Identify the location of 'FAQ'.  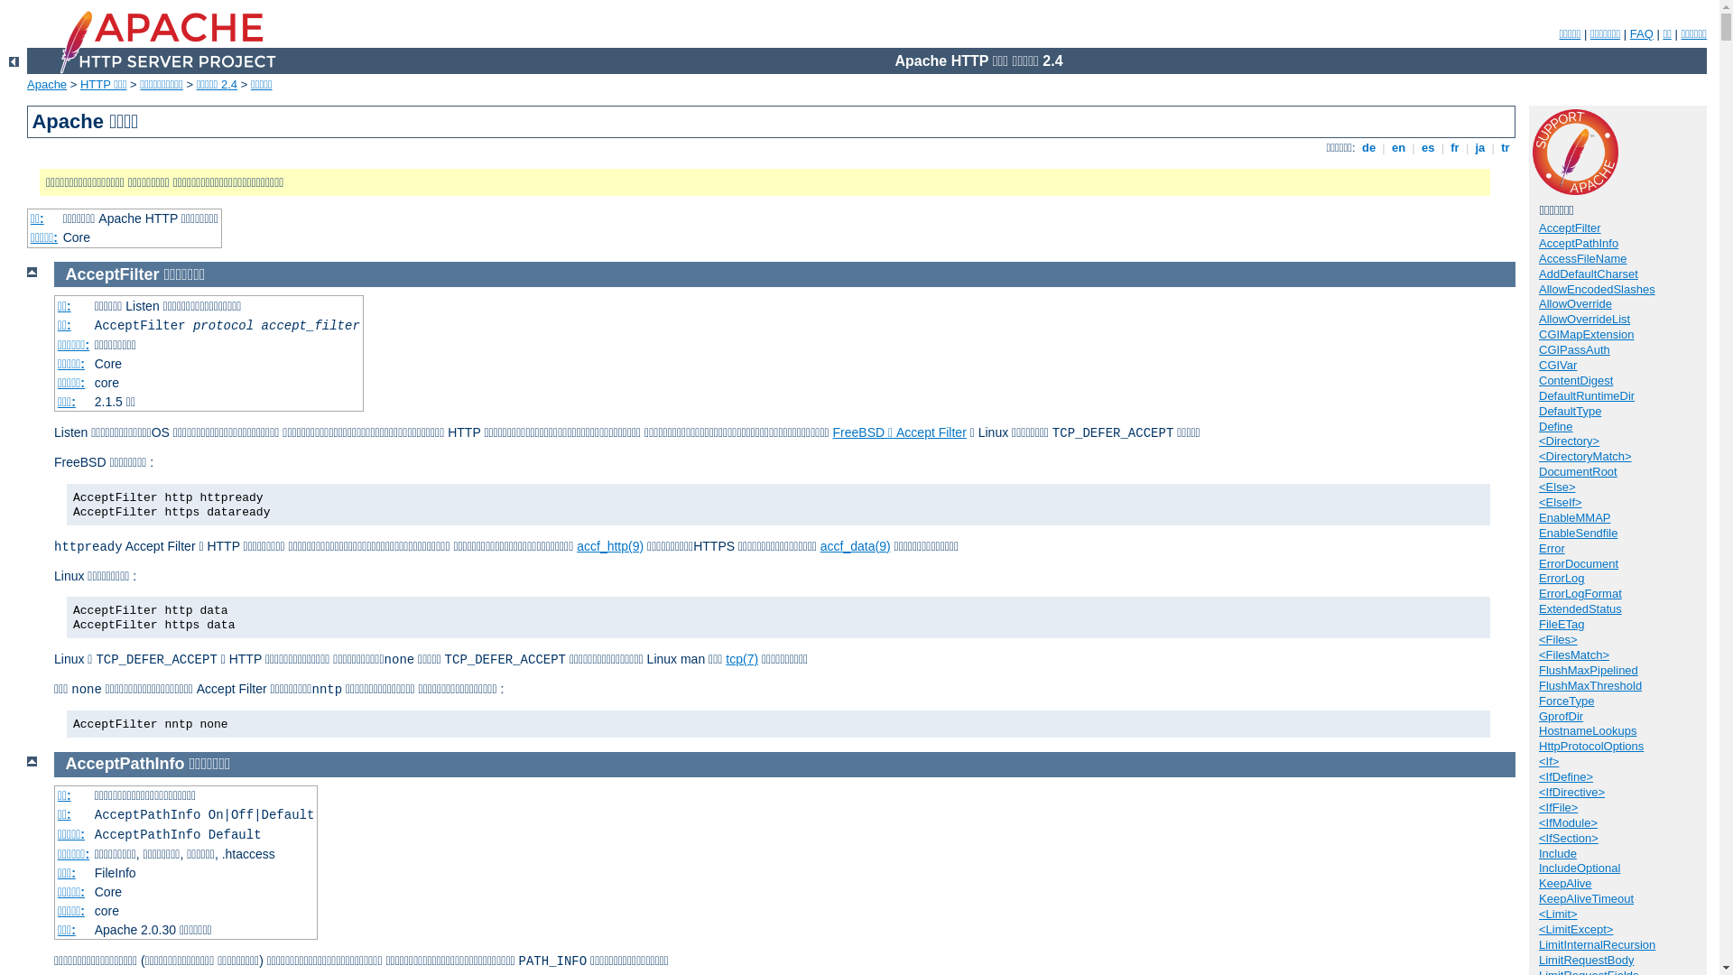
(1642, 33).